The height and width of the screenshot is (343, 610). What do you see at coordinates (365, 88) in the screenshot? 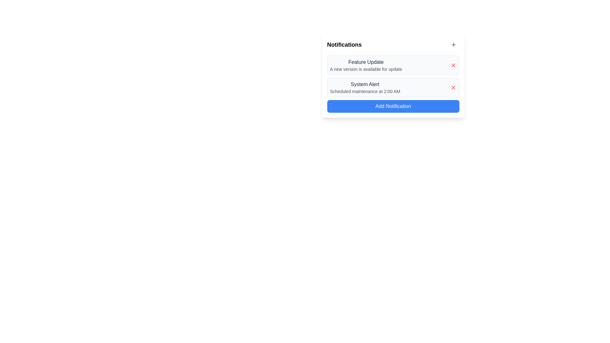
I see `the second notification card displaying 'System Alert' with the message 'Scheduled maintenance at 2:00 AM' to focus or interact with it` at bounding box center [365, 88].